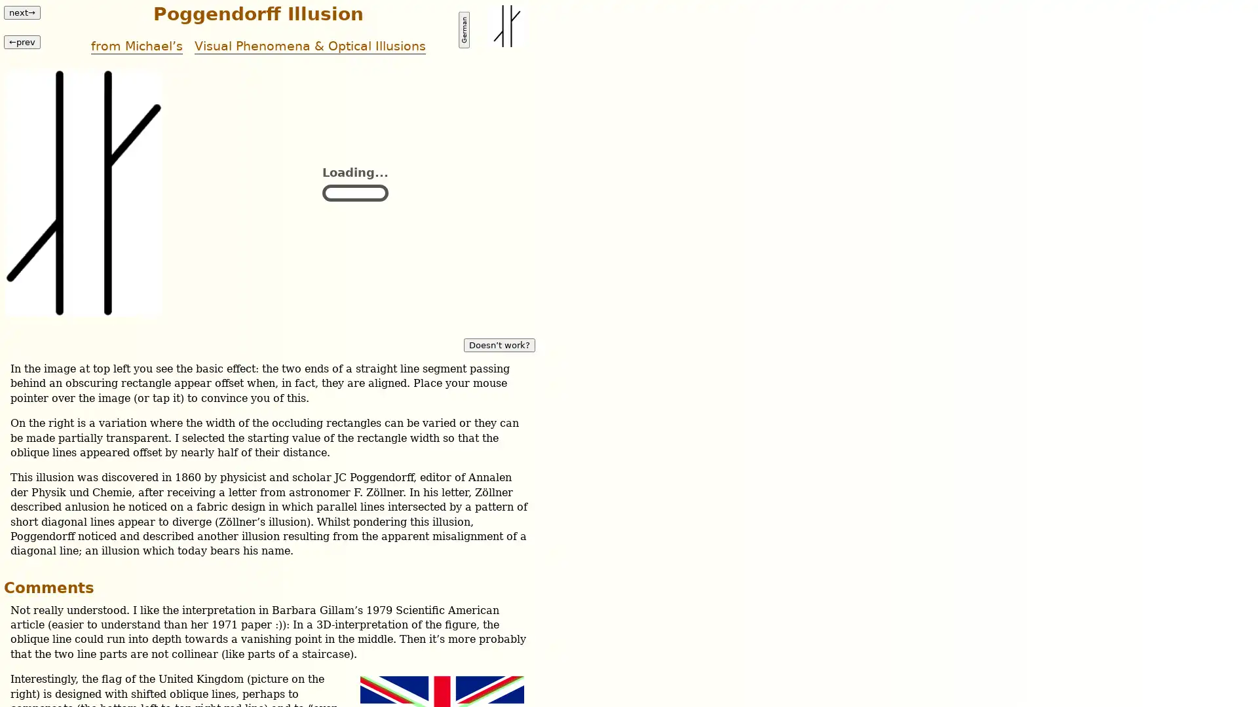 Image resolution: width=1258 pixels, height=707 pixels. I want to click on Doesnt work?, so click(499, 344).